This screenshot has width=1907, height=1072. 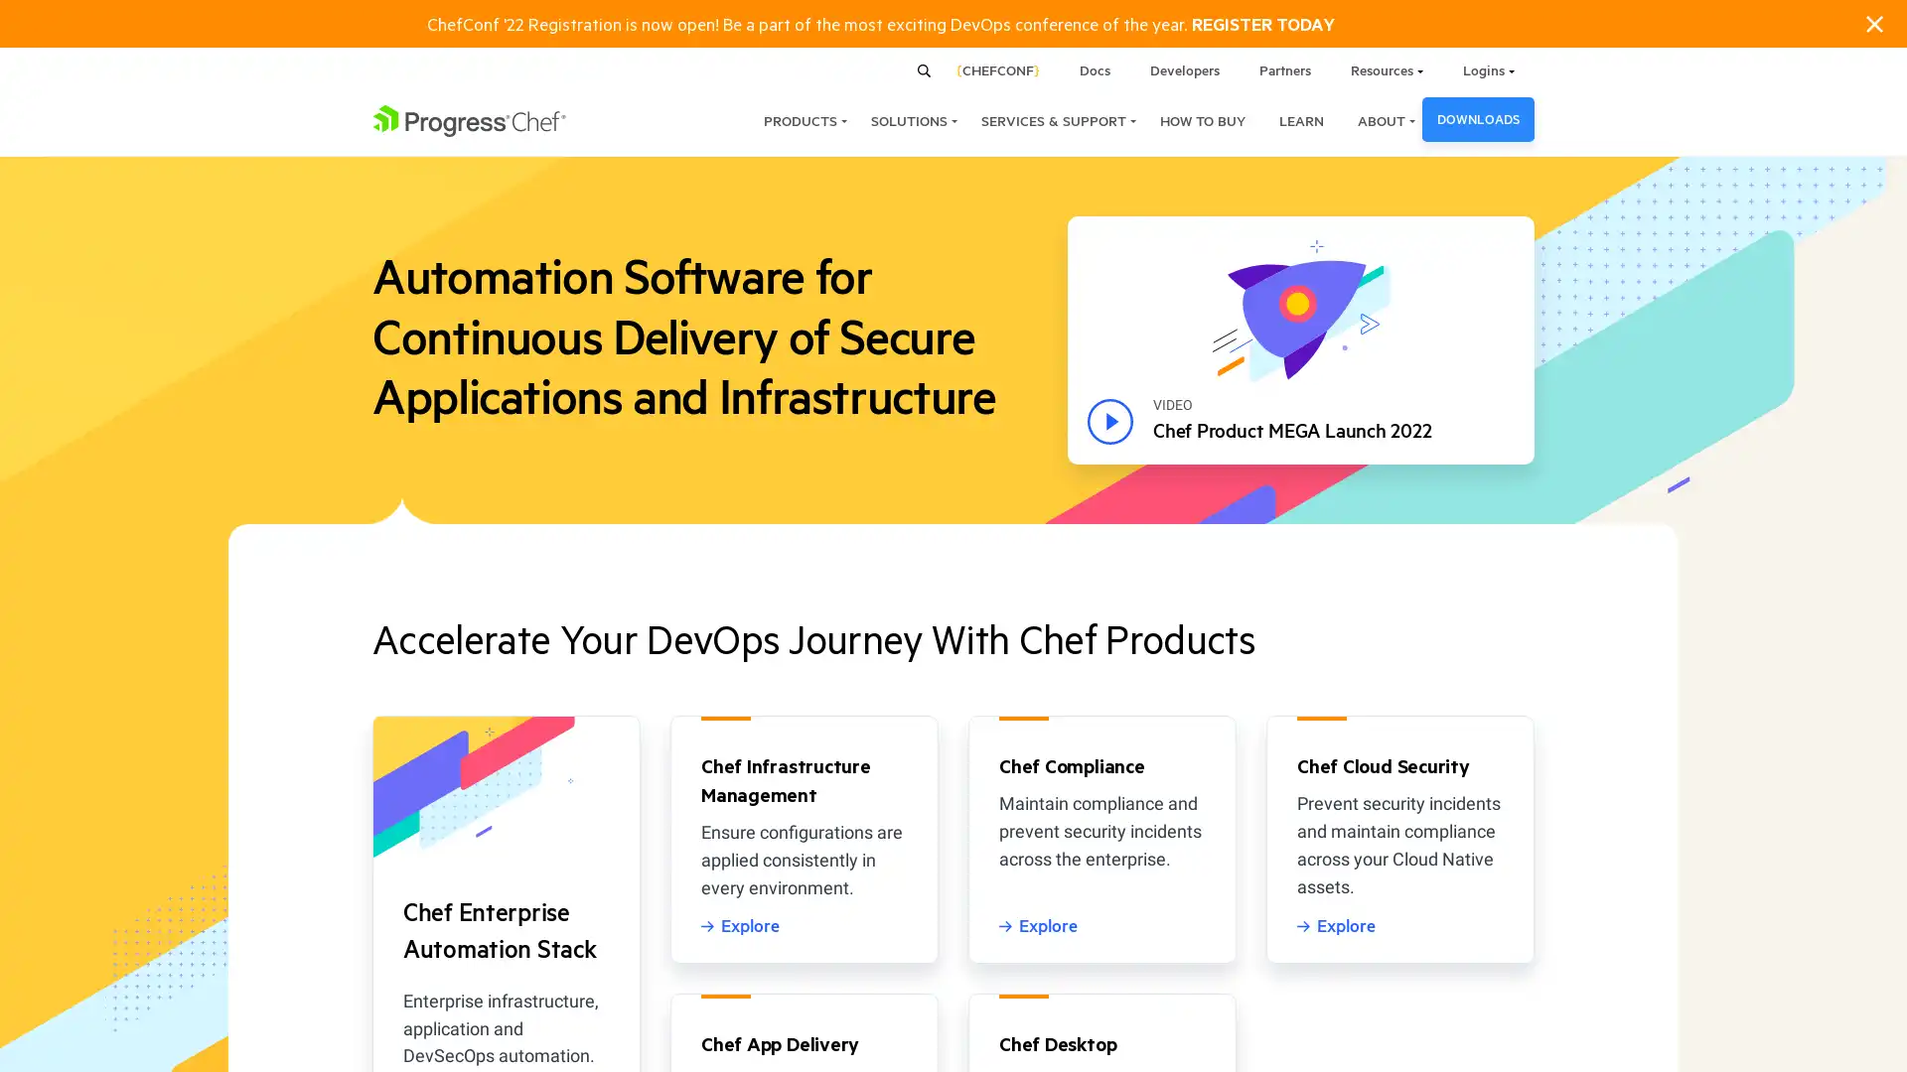 I want to click on ABOUT, so click(x=1336, y=121).